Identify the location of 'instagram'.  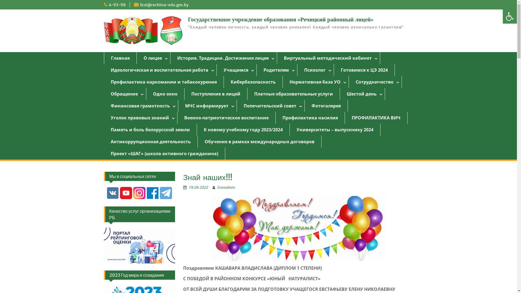
(139, 198).